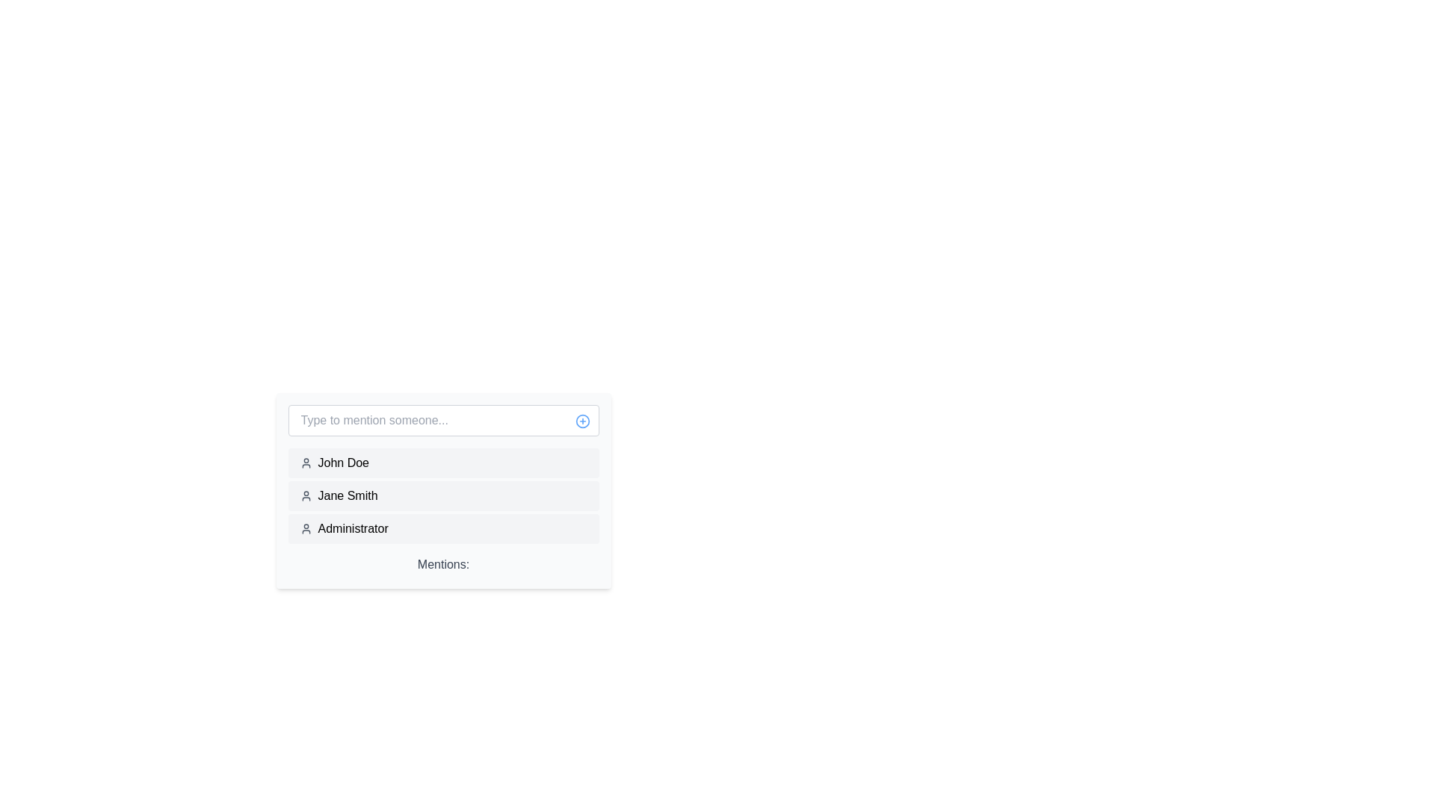  I want to click on the user icon associated with 'John Doe' in the mention-selection popup interface for visual reference, so click(305, 463).